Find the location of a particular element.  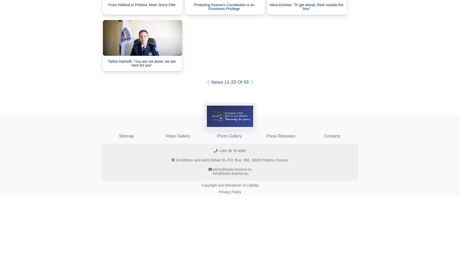

'Sitemap' is located at coordinates (126, 136).